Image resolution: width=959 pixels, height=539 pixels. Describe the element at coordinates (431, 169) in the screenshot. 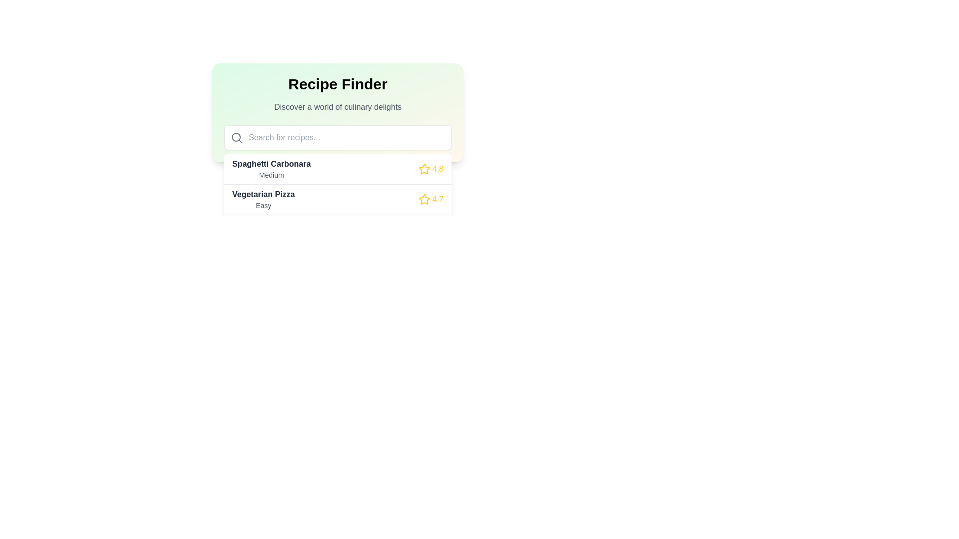

I see `the Rating Indicator with Star Icon and Text for the Spaghetti Carbonara dish, located at the far right of its row, displaying its numeric score` at that location.